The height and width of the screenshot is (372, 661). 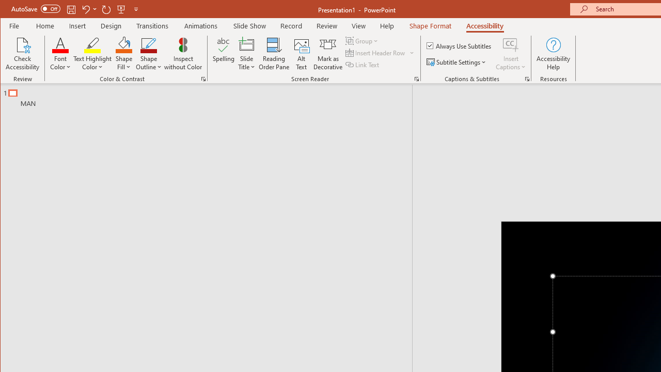 What do you see at coordinates (511, 44) in the screenshot?
I see `'Insert Captions'` at bounding box center [511, 44].